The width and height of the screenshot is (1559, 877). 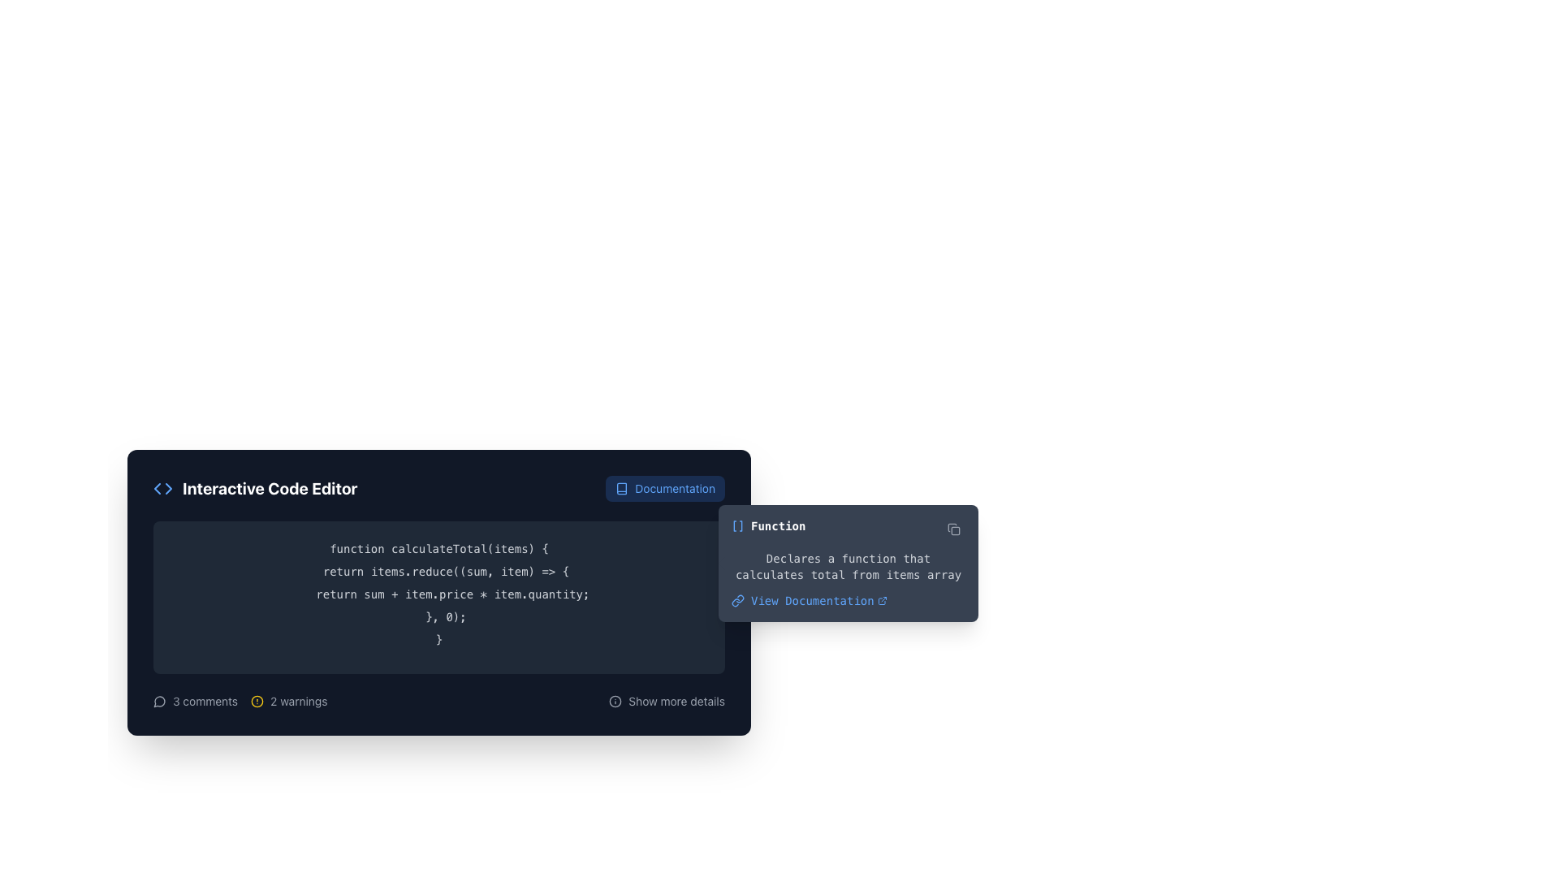 I want to click on the message icon located in the bottom-left region of the interactive code editor area, which signifies the presence of comments or messages, so click(x=159, y=701).